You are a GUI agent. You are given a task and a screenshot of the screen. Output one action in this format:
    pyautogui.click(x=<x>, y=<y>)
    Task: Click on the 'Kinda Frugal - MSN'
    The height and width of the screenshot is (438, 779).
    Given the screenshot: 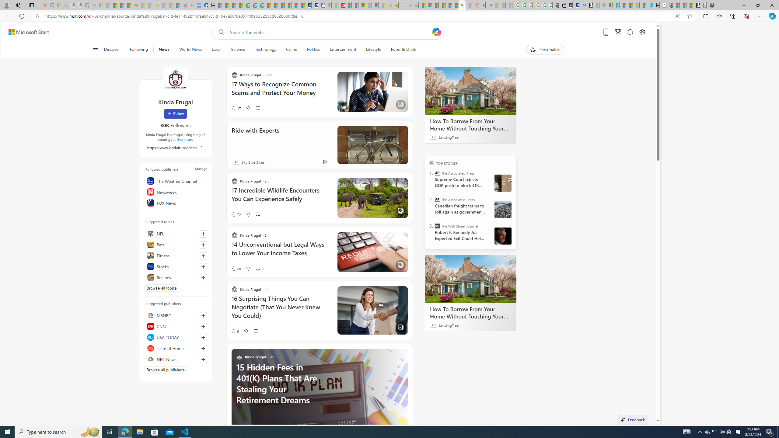 What is the action you would take?
    pyautogui.click(x=462, y=5)
    